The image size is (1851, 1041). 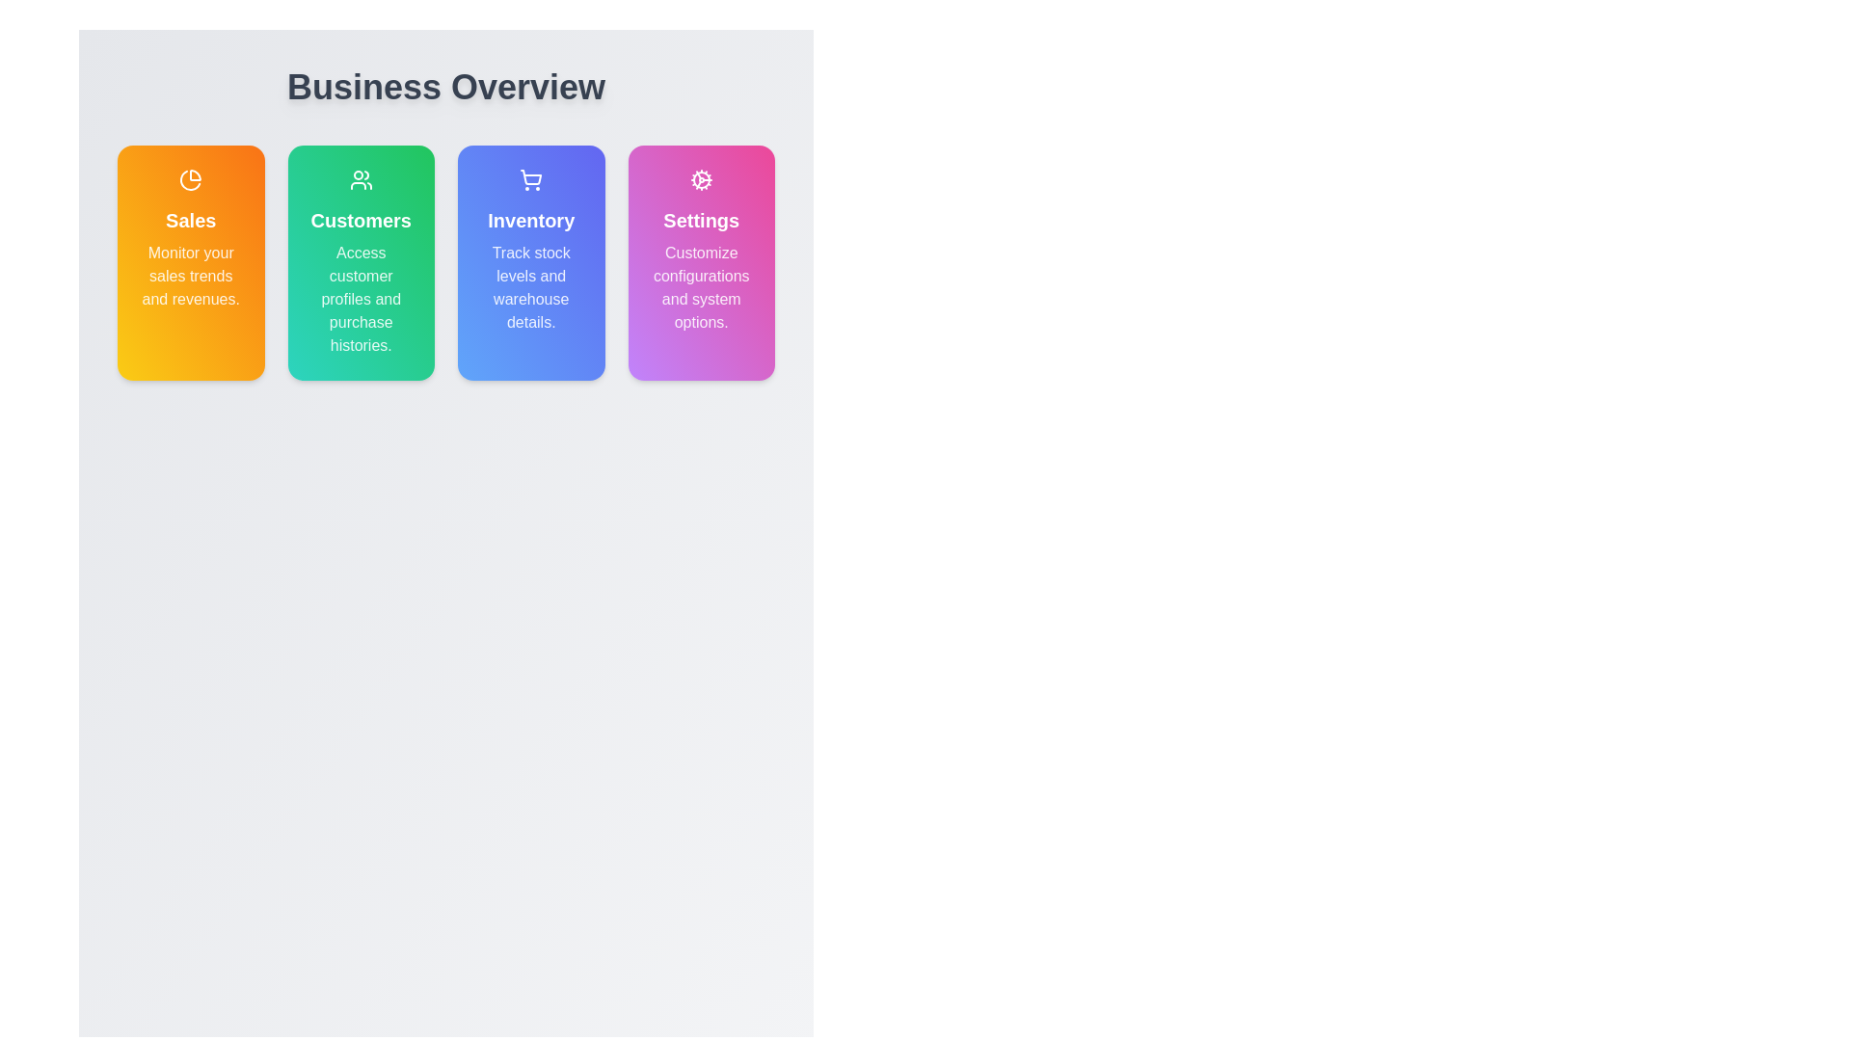 What do you see at coordinates (700, 288) in the screenshot?
I see `text description that provides additional information about the 'Settings' feature, located in the fourth card from the left, centrally aligned below the heading 'Settings'` at bounding box center [700, 288].